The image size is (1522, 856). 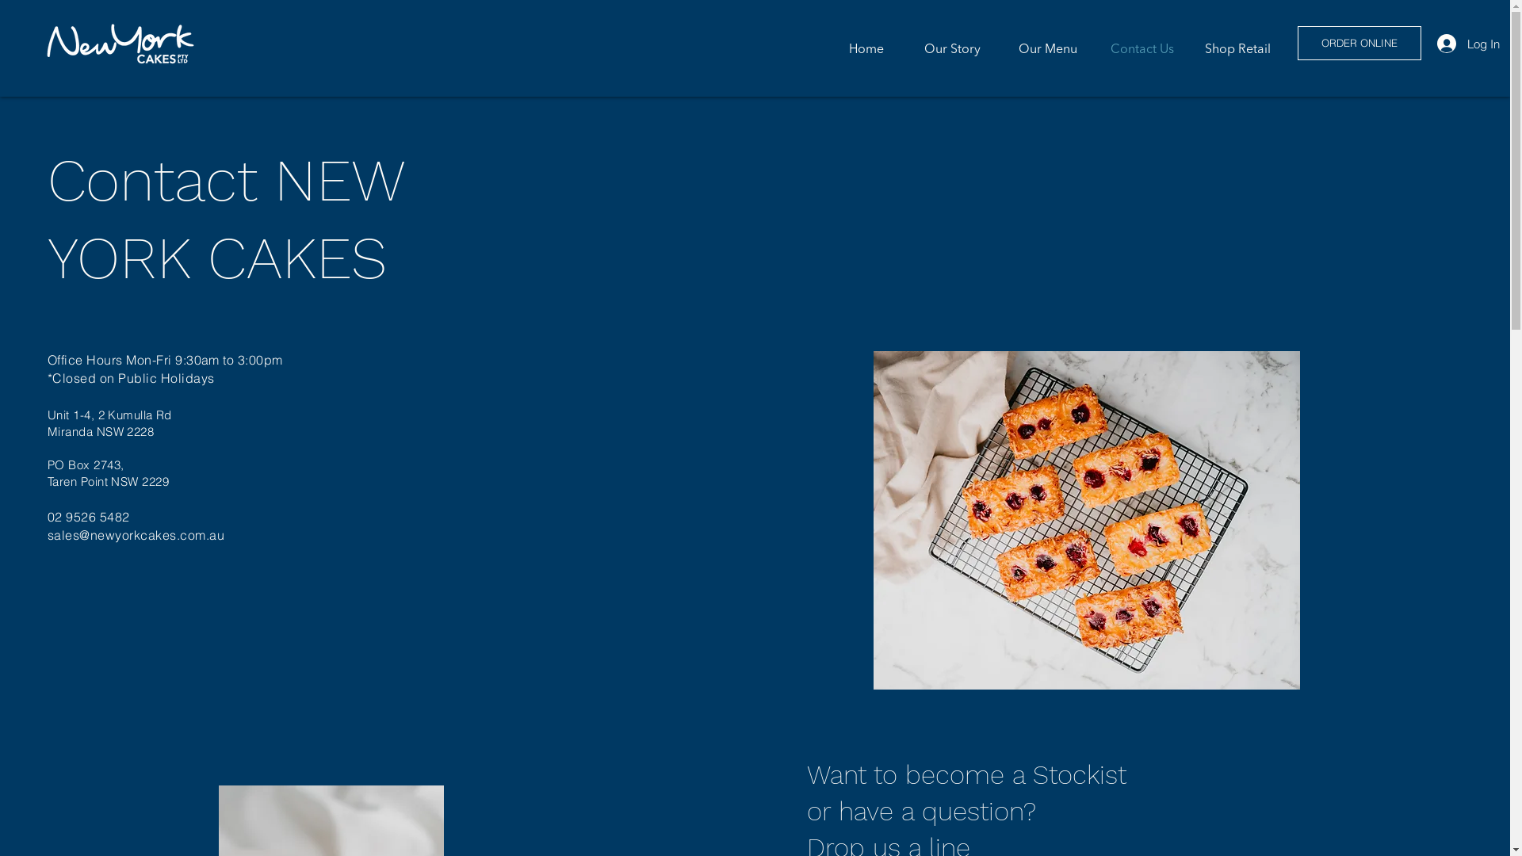 What do you see at coordinates (1041, 48) in the screenshot?
I see `'Our Menu'` at bounding box center [1041, 48].